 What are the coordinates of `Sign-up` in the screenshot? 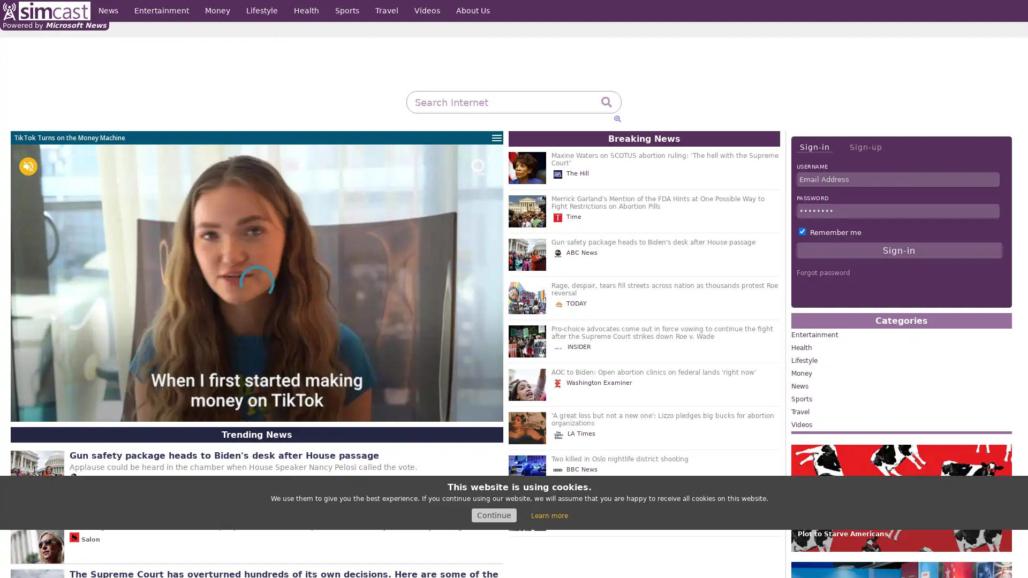 It's located at (865, 147).